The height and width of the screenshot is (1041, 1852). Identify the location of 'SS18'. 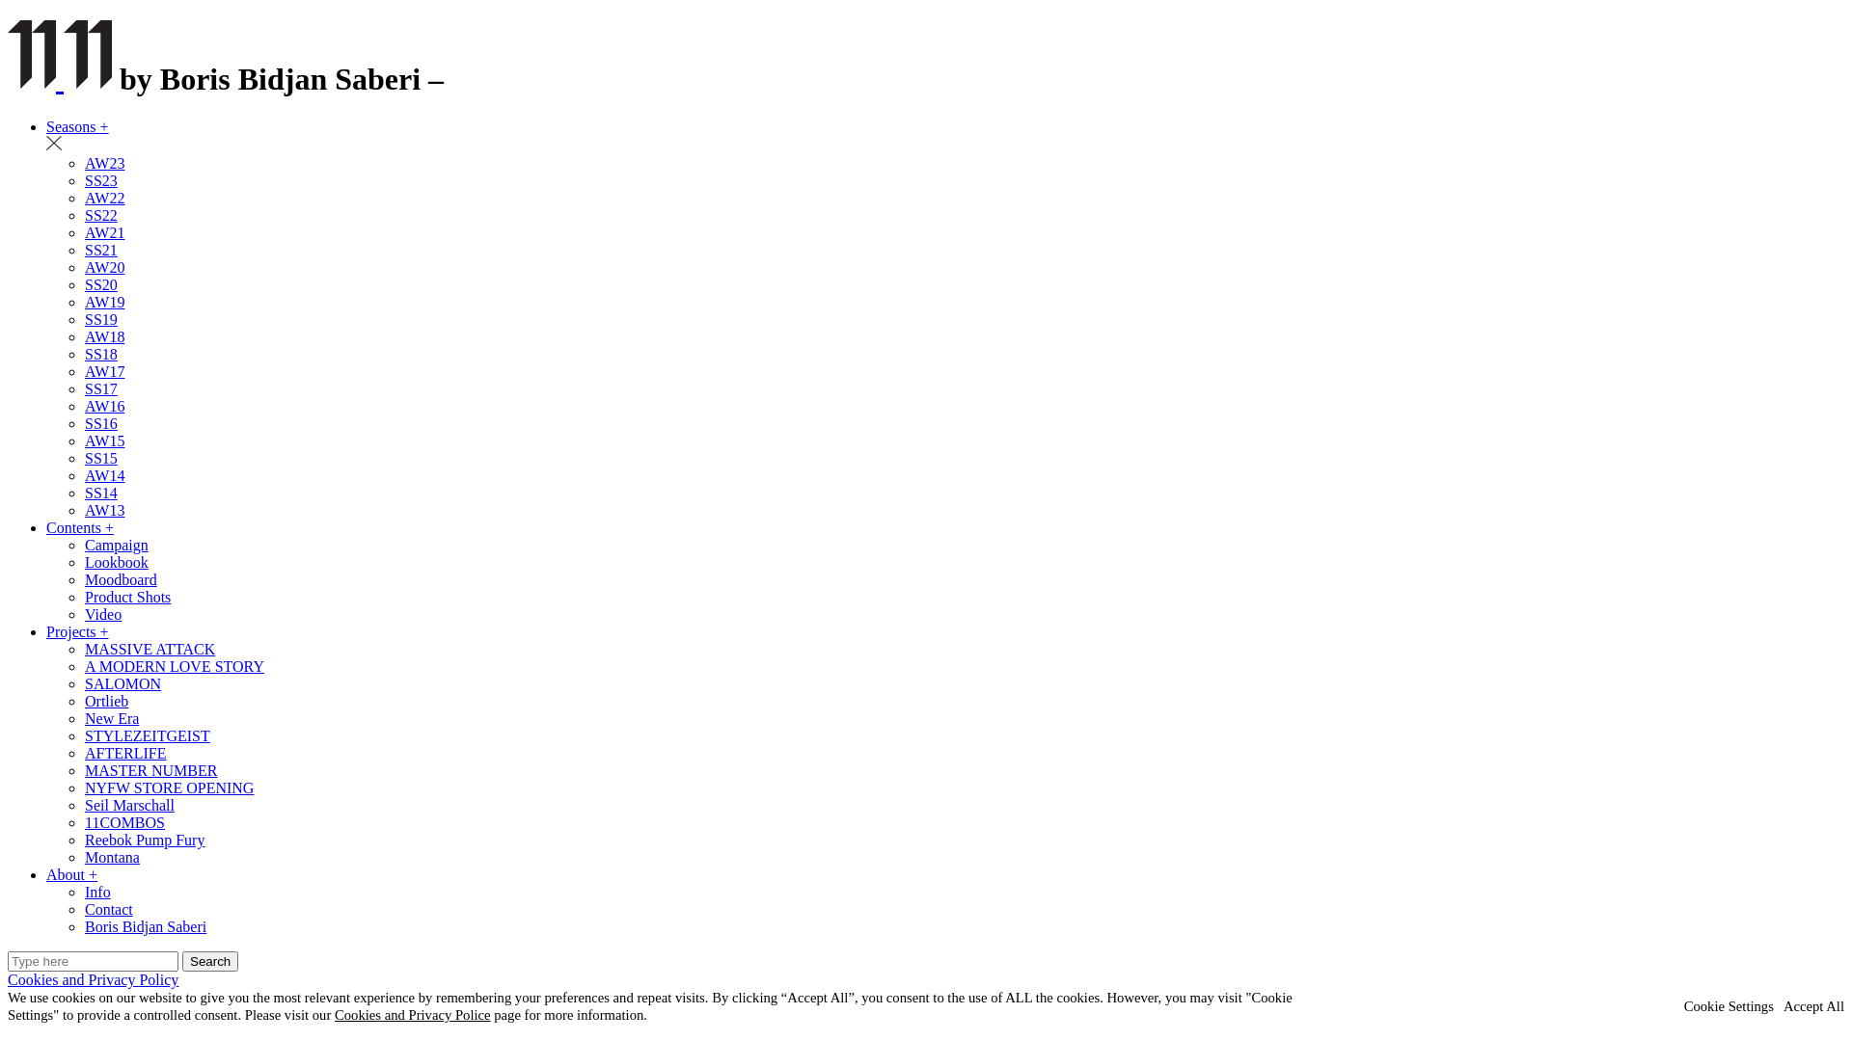
(100, 354).